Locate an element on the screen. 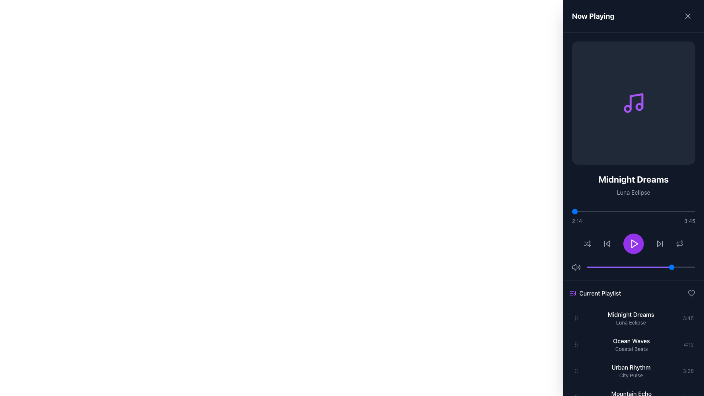  the song progress is located at coordinates (647, 212).